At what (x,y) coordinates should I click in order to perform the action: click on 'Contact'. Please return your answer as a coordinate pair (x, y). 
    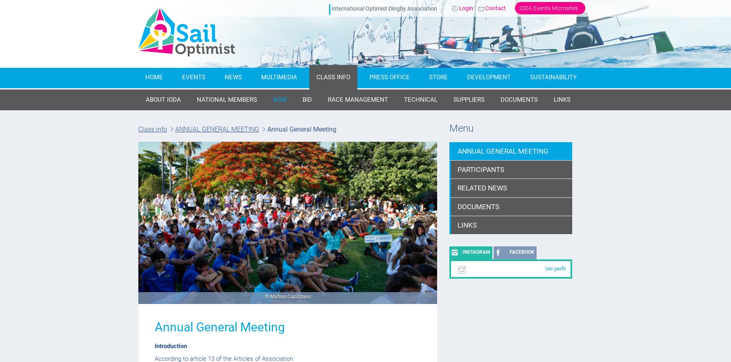
    Looking at the image, I should click on (485, 8).